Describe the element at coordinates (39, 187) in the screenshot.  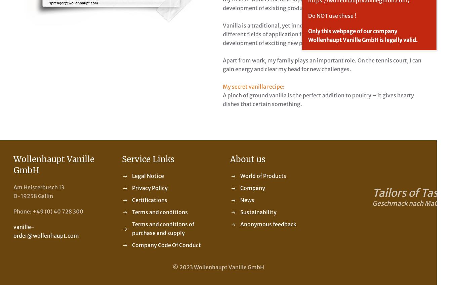
I see `'Am Heisterbusch 13'` at that location.